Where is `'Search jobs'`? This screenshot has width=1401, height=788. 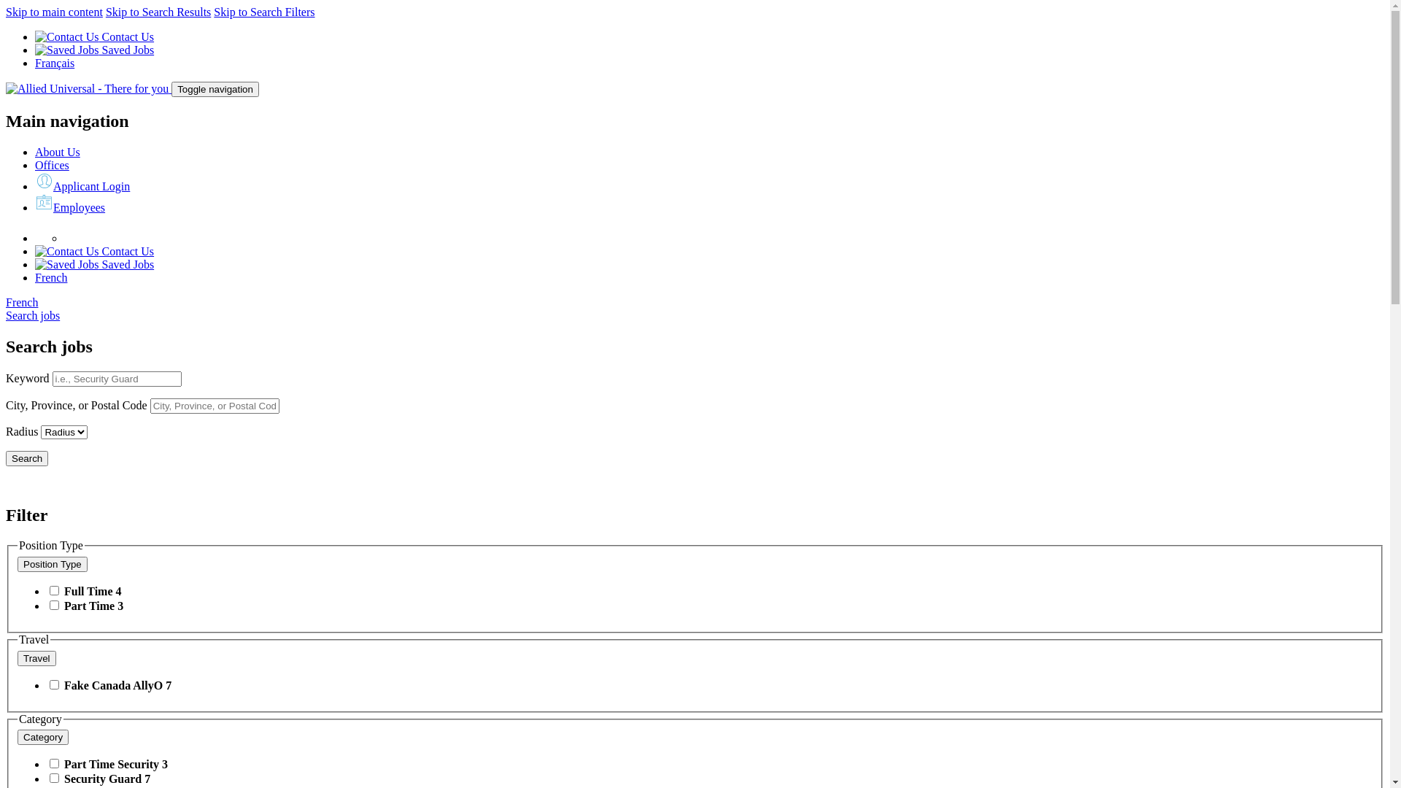
'Search jobs' is located at coordinates (32, 314).